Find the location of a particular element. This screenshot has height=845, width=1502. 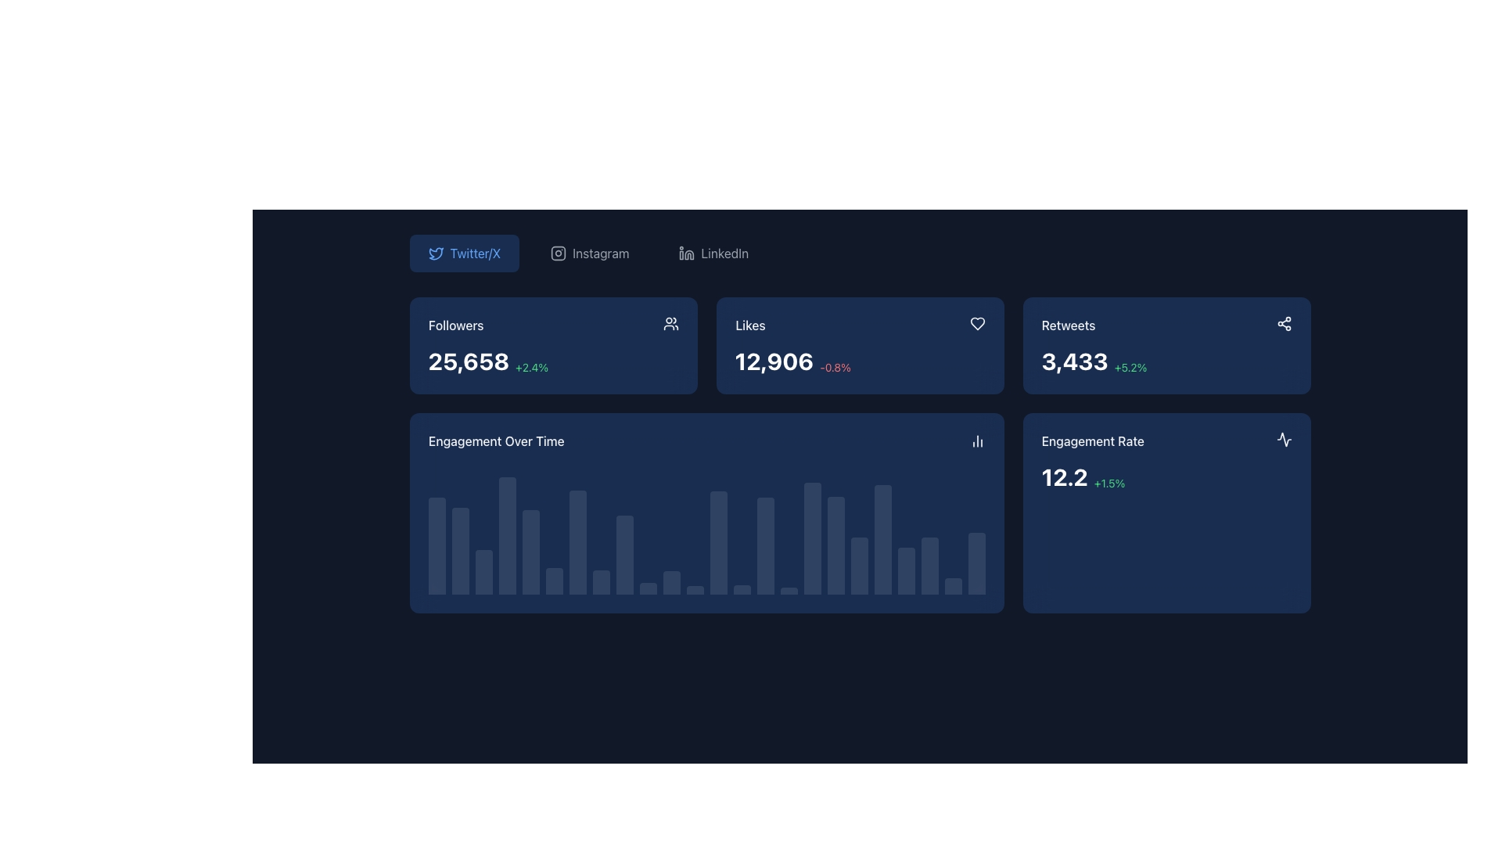

the 11th bar in the 'Engagement Over Time' bar chart is located at coordinates (671, 582).